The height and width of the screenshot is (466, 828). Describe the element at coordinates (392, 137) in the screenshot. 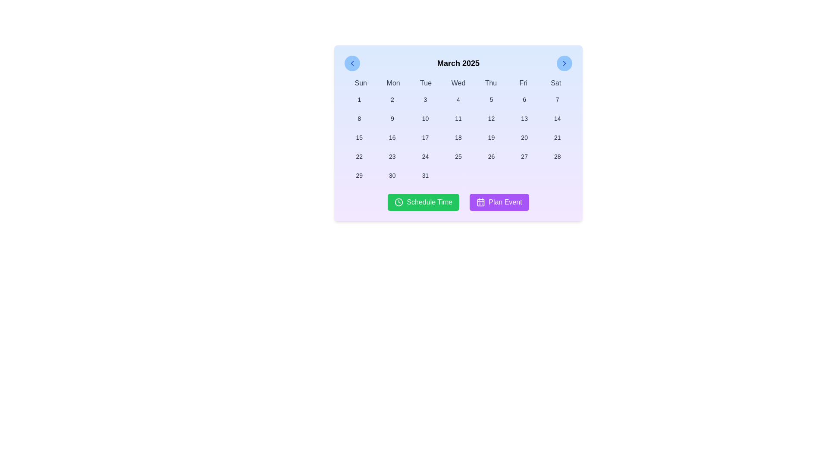

I see `the calendar date cell displaying the number '16', located in the third row and second column of the calendar grid` at that location.